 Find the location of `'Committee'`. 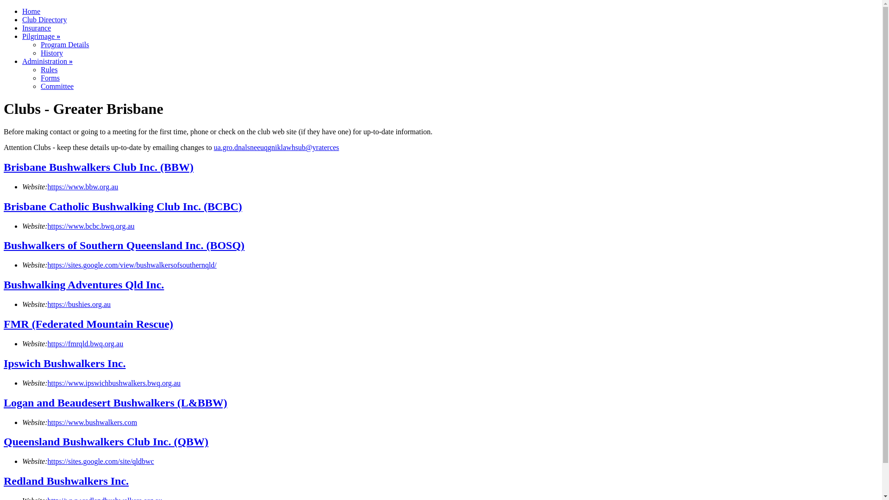

'Committee' is located at coordinates (40, 86).